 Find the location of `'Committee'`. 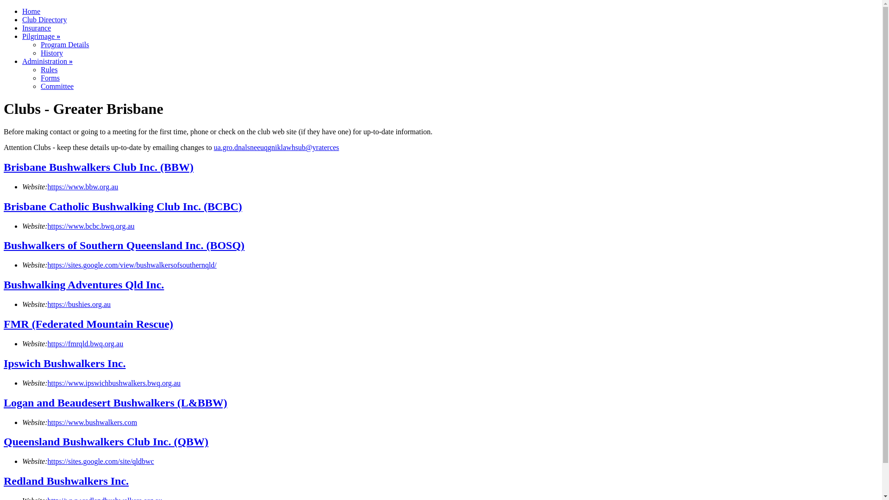

'Committee' is located at coordinates (40, 86).